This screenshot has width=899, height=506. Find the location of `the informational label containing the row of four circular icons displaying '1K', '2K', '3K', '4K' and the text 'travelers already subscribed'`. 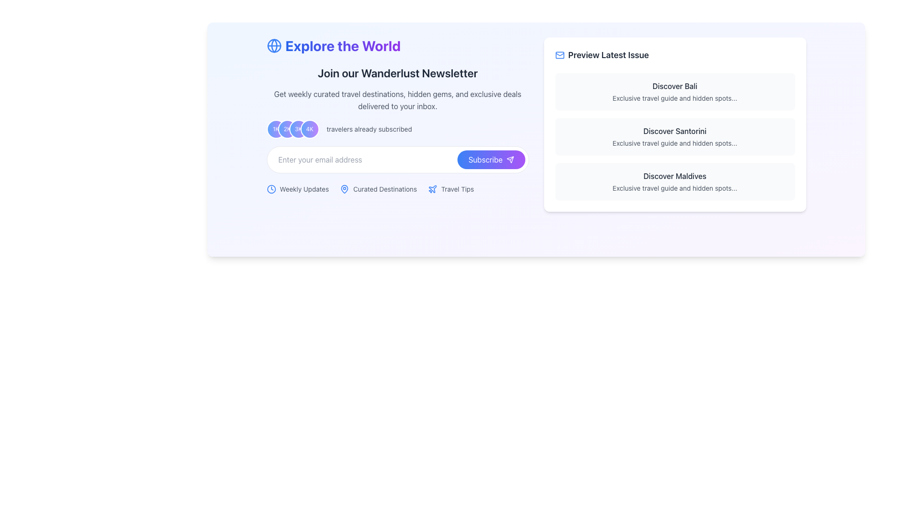

the informational label containing the row of four circular icons displaying '1K', '2K', '3K', '4K' and the text 'travelers already subscribed' is located at coordinates (398, 129).